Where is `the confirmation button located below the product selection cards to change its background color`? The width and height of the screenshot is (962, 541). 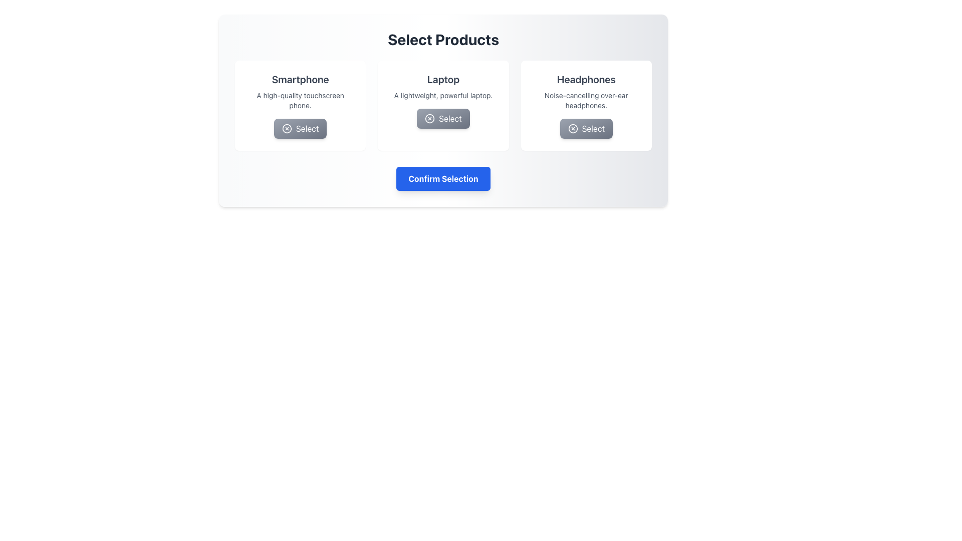 the confirmation button located below the product selection cards to change its background color is located at coordinates (442, 178).